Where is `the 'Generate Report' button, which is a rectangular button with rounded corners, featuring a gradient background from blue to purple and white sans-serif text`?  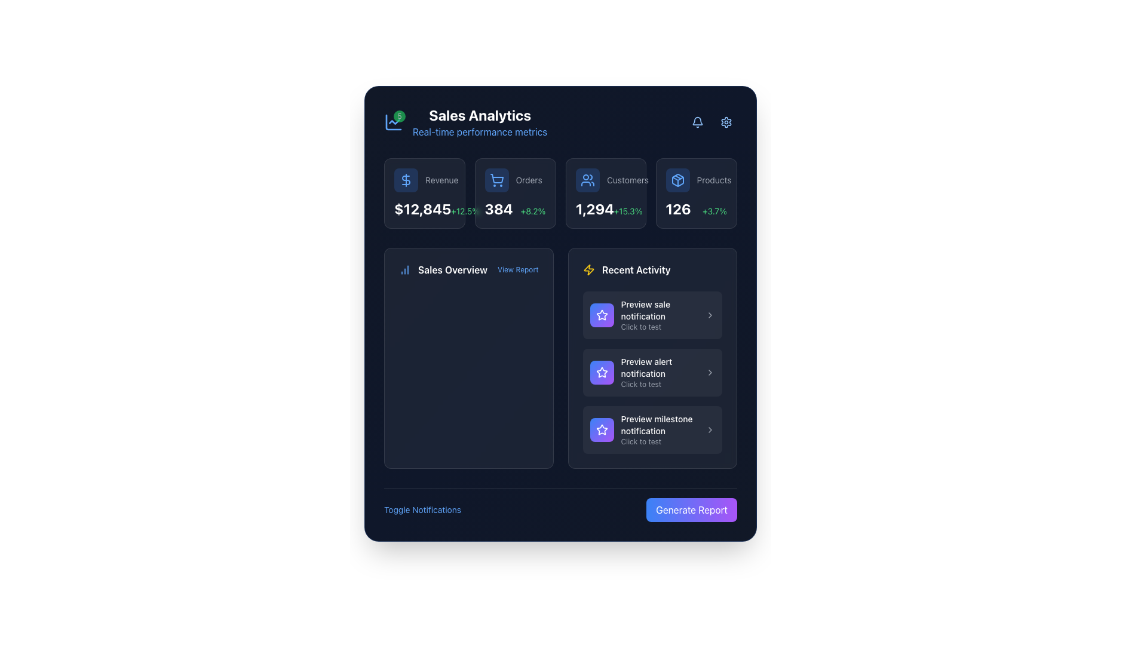 the 'Generate Report' button, which is a rectangular button with rounded corners, featuring a gradient background from blue to purple and white sans-serif text is located at coordinates (692, 509).